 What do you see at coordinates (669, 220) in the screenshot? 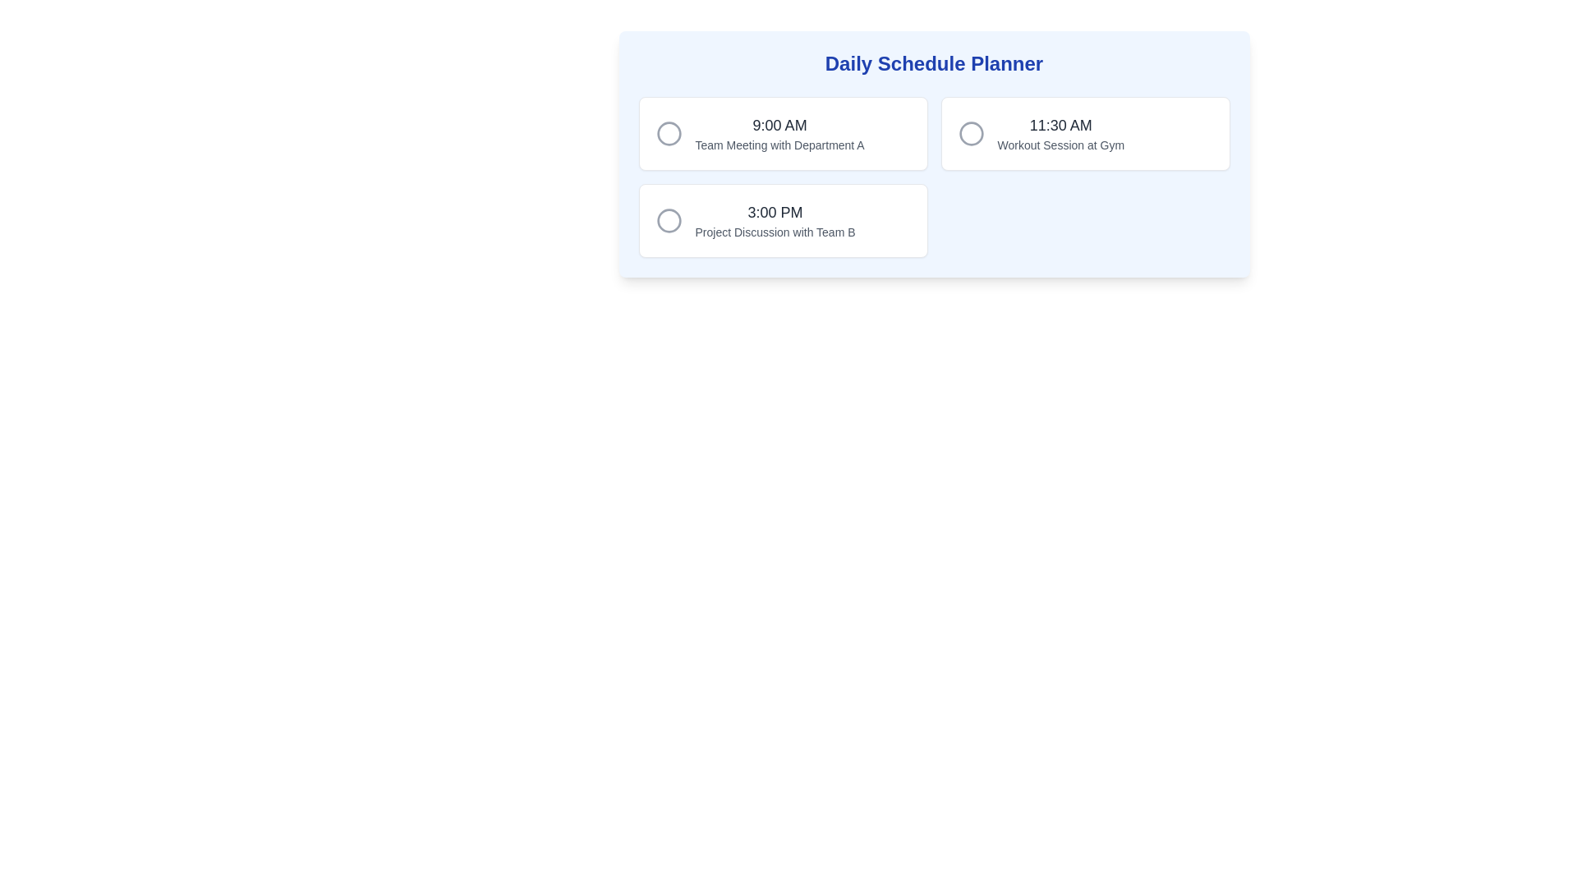
I see `the circular icon located to the left of the text '3:00 PM Project Discussion with Team B' in the bottom rectangular card of the schedule entry` at bounding box center [669, 220].